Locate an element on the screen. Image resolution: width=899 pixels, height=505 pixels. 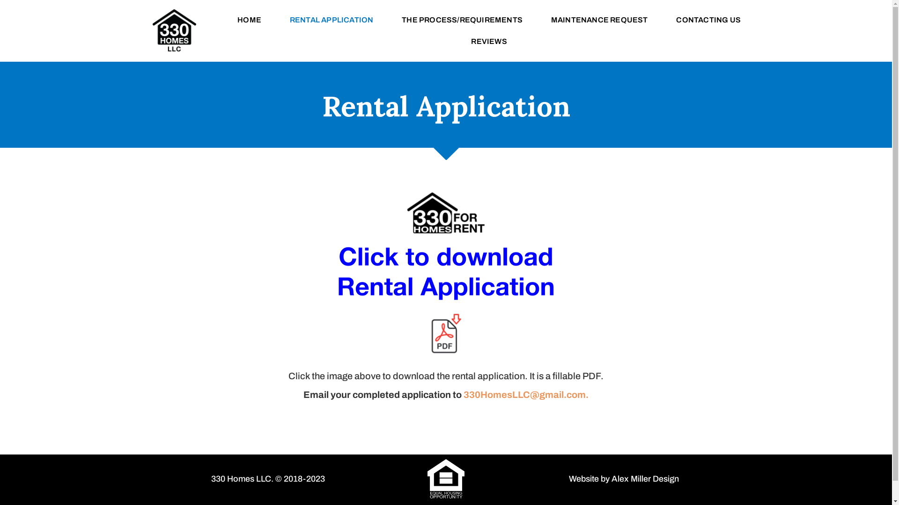
'MAINTENANCE REQUEST' is located at coordinates (537, 20).